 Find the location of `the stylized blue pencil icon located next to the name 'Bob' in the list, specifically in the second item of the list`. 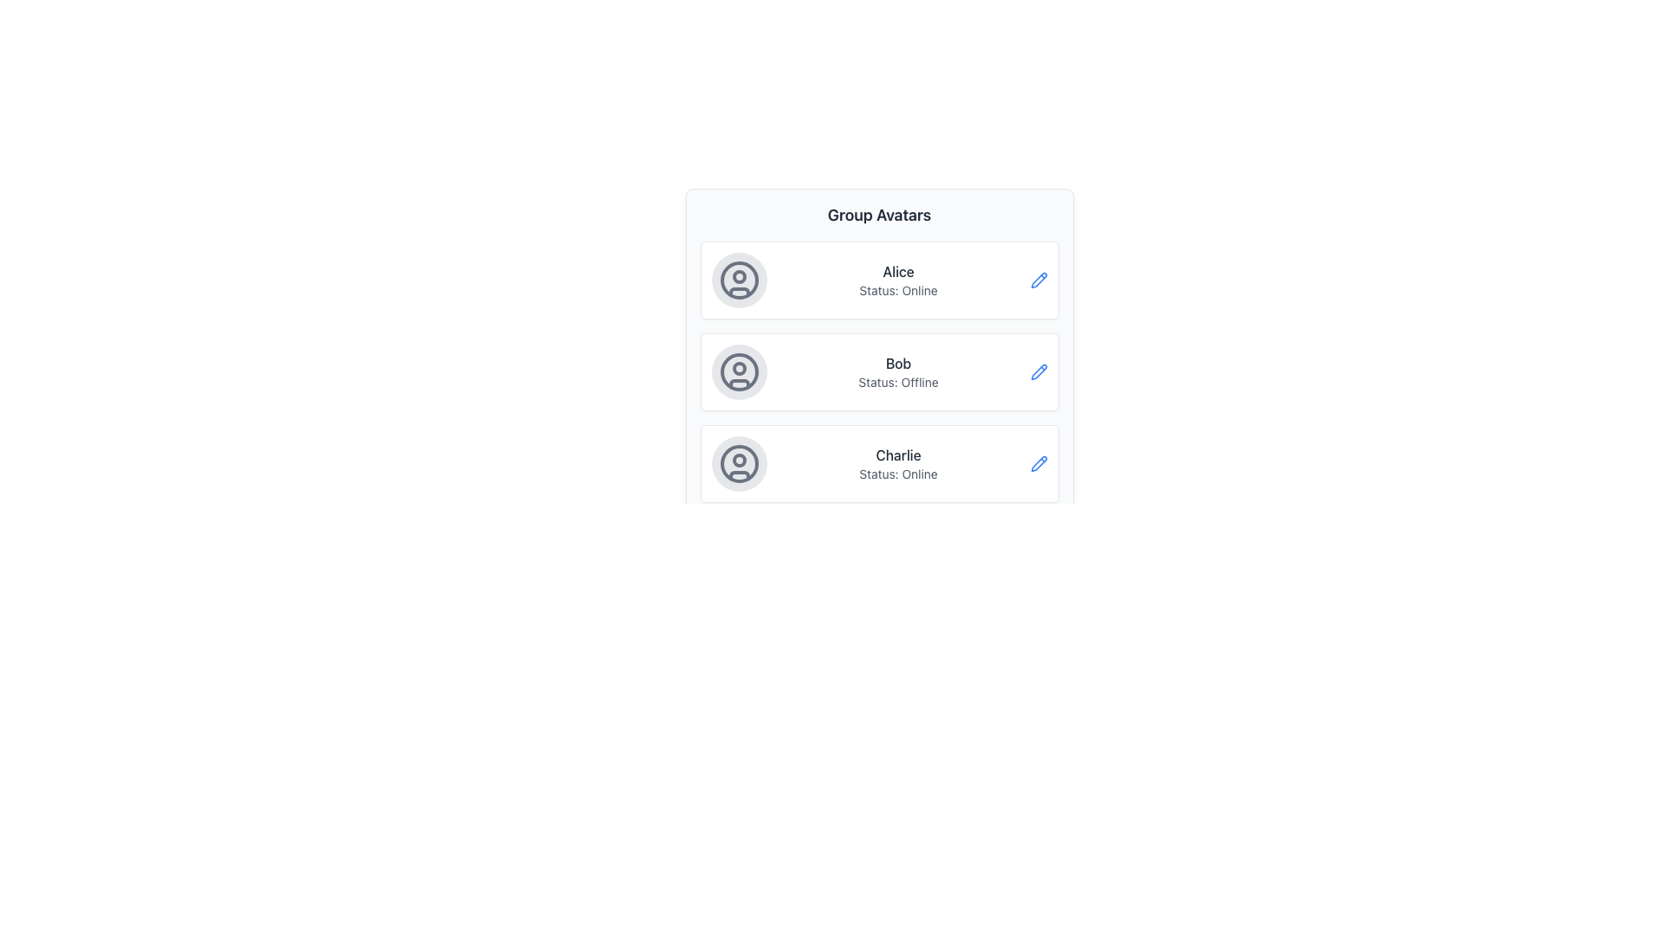

the stylized blue pencil icon located next to the name 'Bob' in the list, specifically in the second item of the list is located at coordinates (1039, 371).